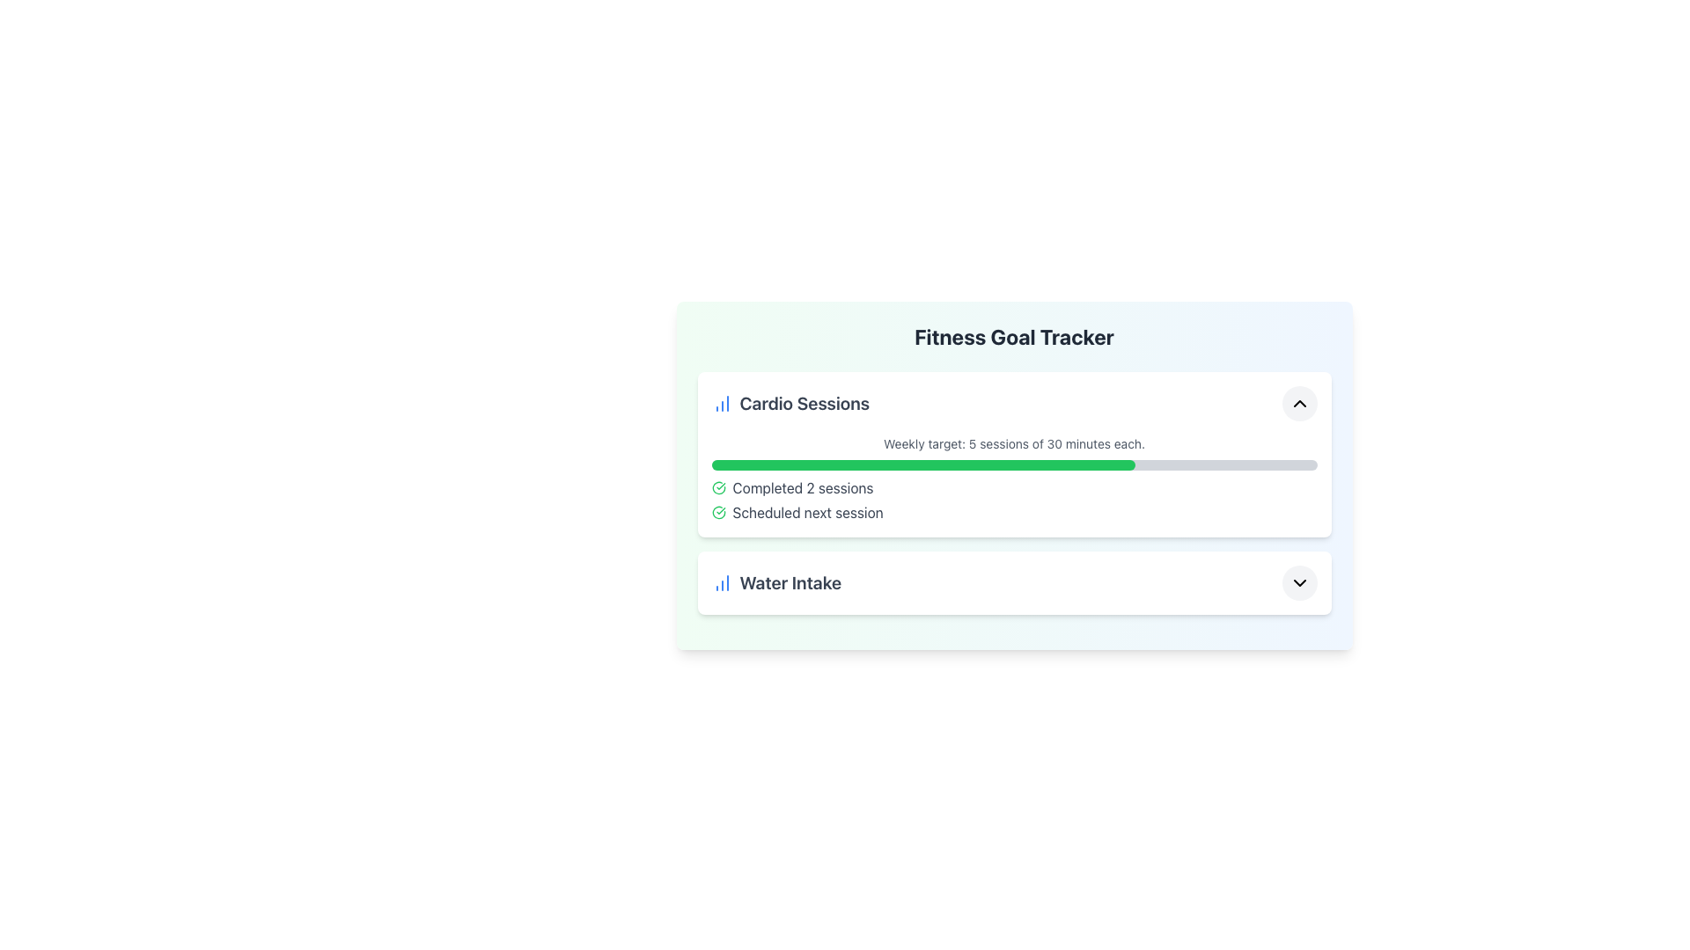 The height and width of the screenshot is (950, 1690). I want to click on textual information displayed in the 'Weekly target: 5 sessions of 30 minutes each.' label, which is styled in gray and located in the cardio sessions card of the fitness goal tracker, so click(1014, 443).